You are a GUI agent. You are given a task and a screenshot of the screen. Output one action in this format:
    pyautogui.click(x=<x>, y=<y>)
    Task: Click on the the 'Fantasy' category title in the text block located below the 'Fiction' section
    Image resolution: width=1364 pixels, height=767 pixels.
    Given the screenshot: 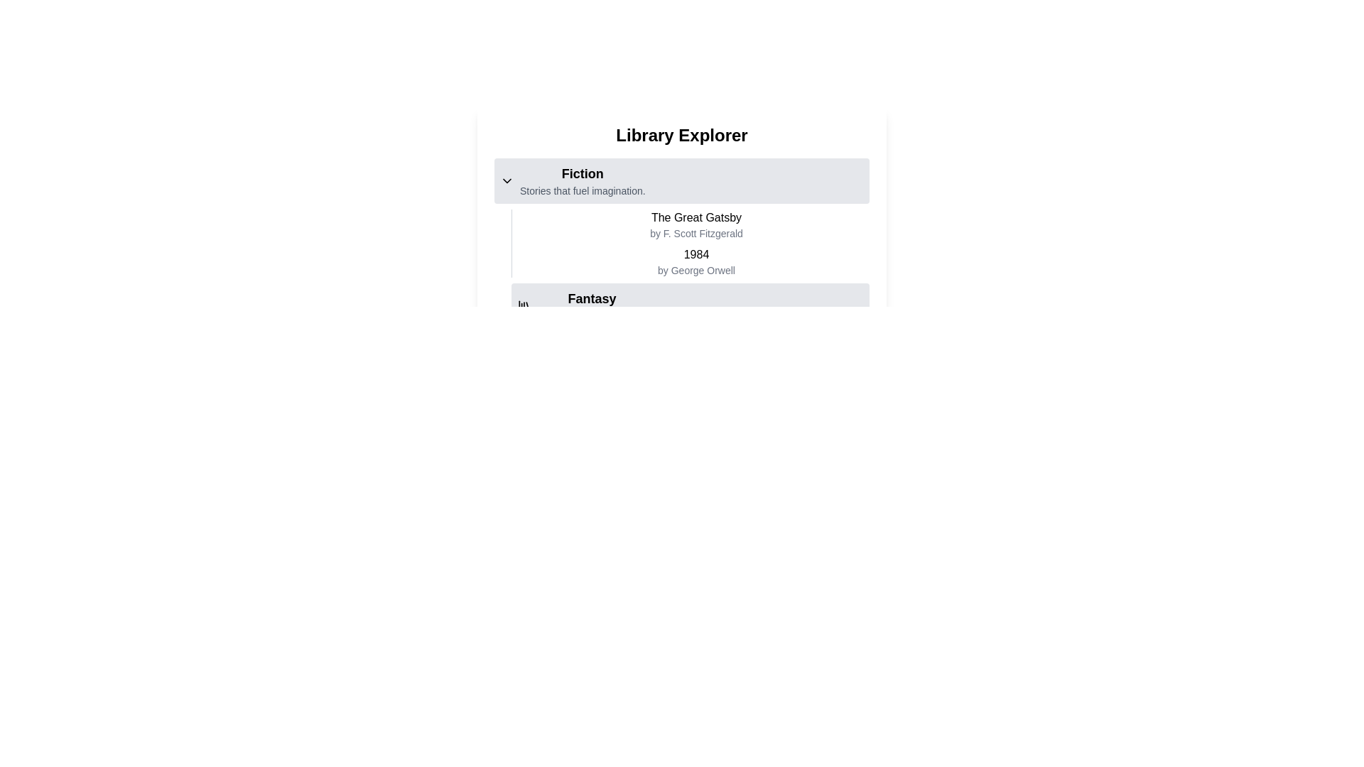 What is the action you would take?
    pyautogui.click(x=592, y=305)
    